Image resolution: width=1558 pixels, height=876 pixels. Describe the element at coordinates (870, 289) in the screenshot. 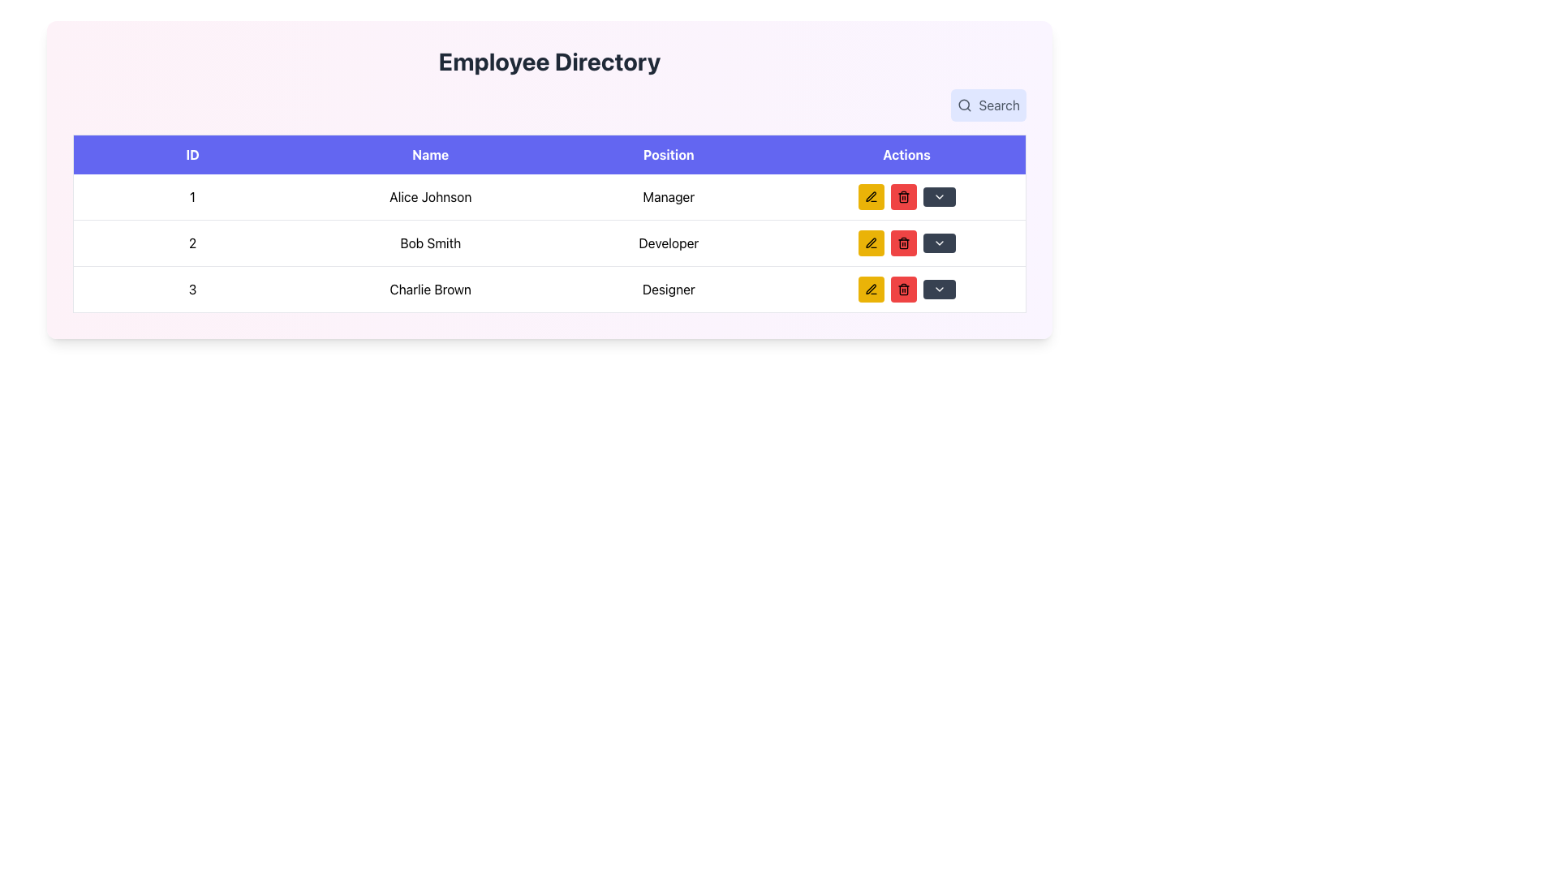

I see `the small square button with rounded corners in the 'Actions' column, third row for 'Designer', which has a yellow background and a black pencil icon` at that location.